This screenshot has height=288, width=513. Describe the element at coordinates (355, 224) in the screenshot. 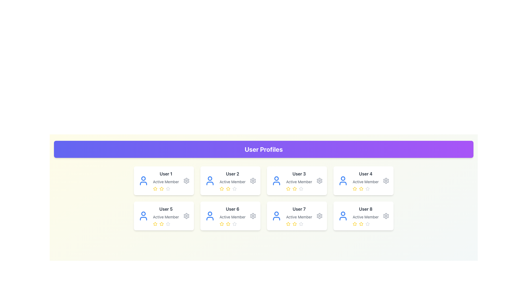

I see `the first yellow rating star icon in the profile card of 'User 8', located to the right of the user avatar and name` at that location.